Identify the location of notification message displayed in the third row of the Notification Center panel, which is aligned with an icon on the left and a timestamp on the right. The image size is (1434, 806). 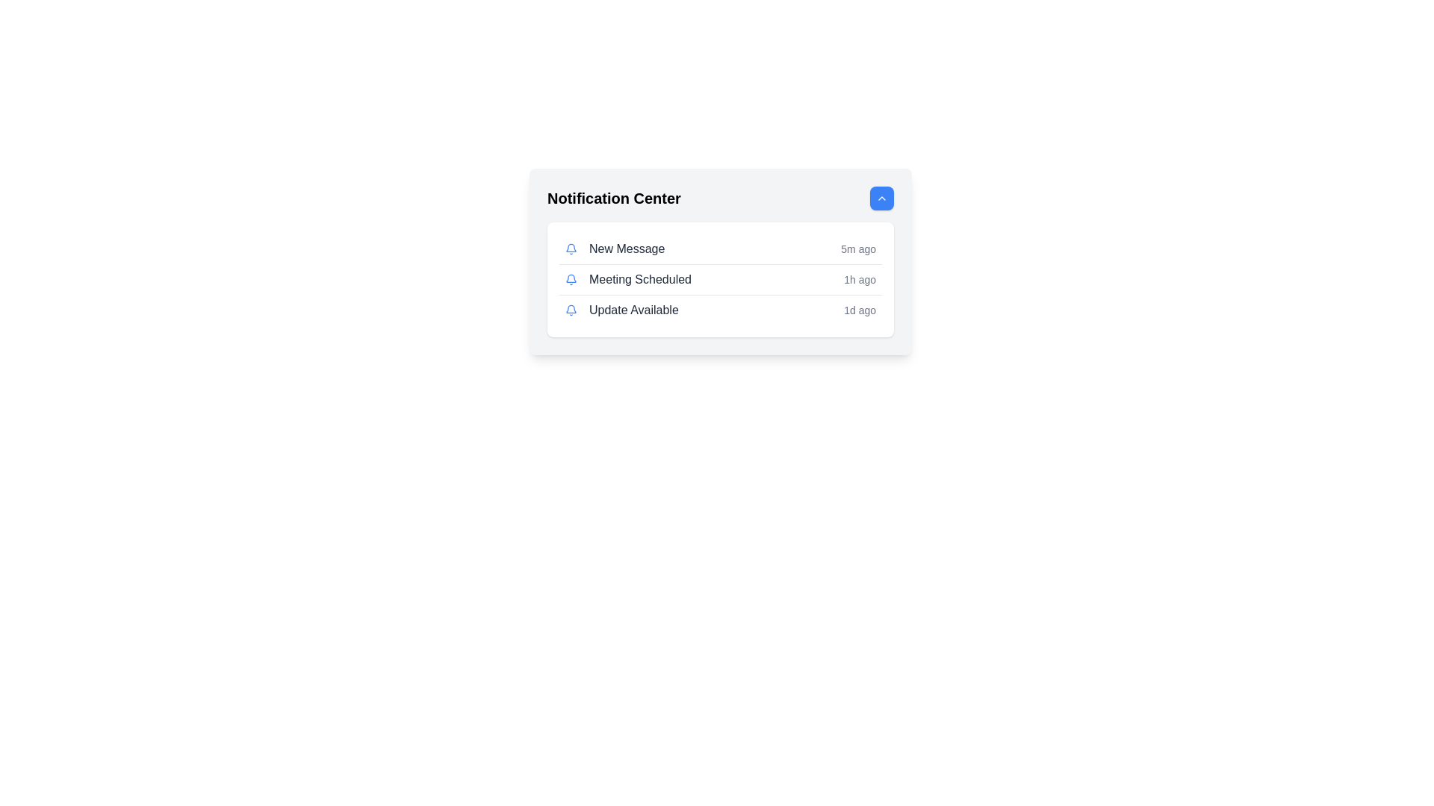
(633, 310).